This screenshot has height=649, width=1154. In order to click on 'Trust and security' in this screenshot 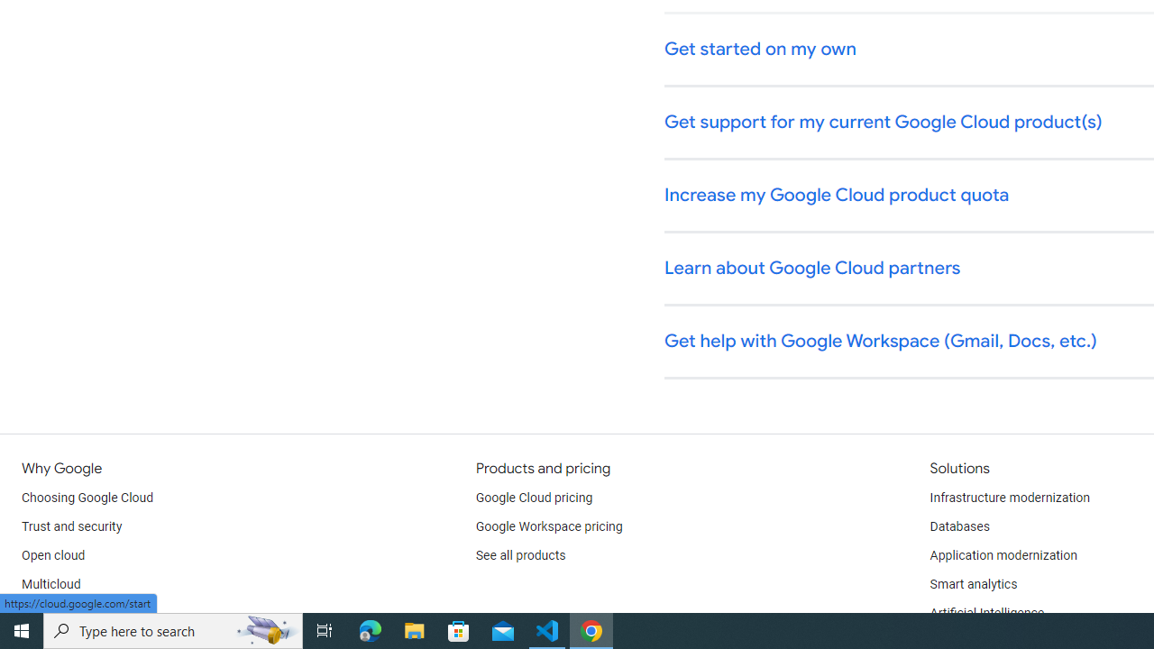, I will do `click(72, 527)`.